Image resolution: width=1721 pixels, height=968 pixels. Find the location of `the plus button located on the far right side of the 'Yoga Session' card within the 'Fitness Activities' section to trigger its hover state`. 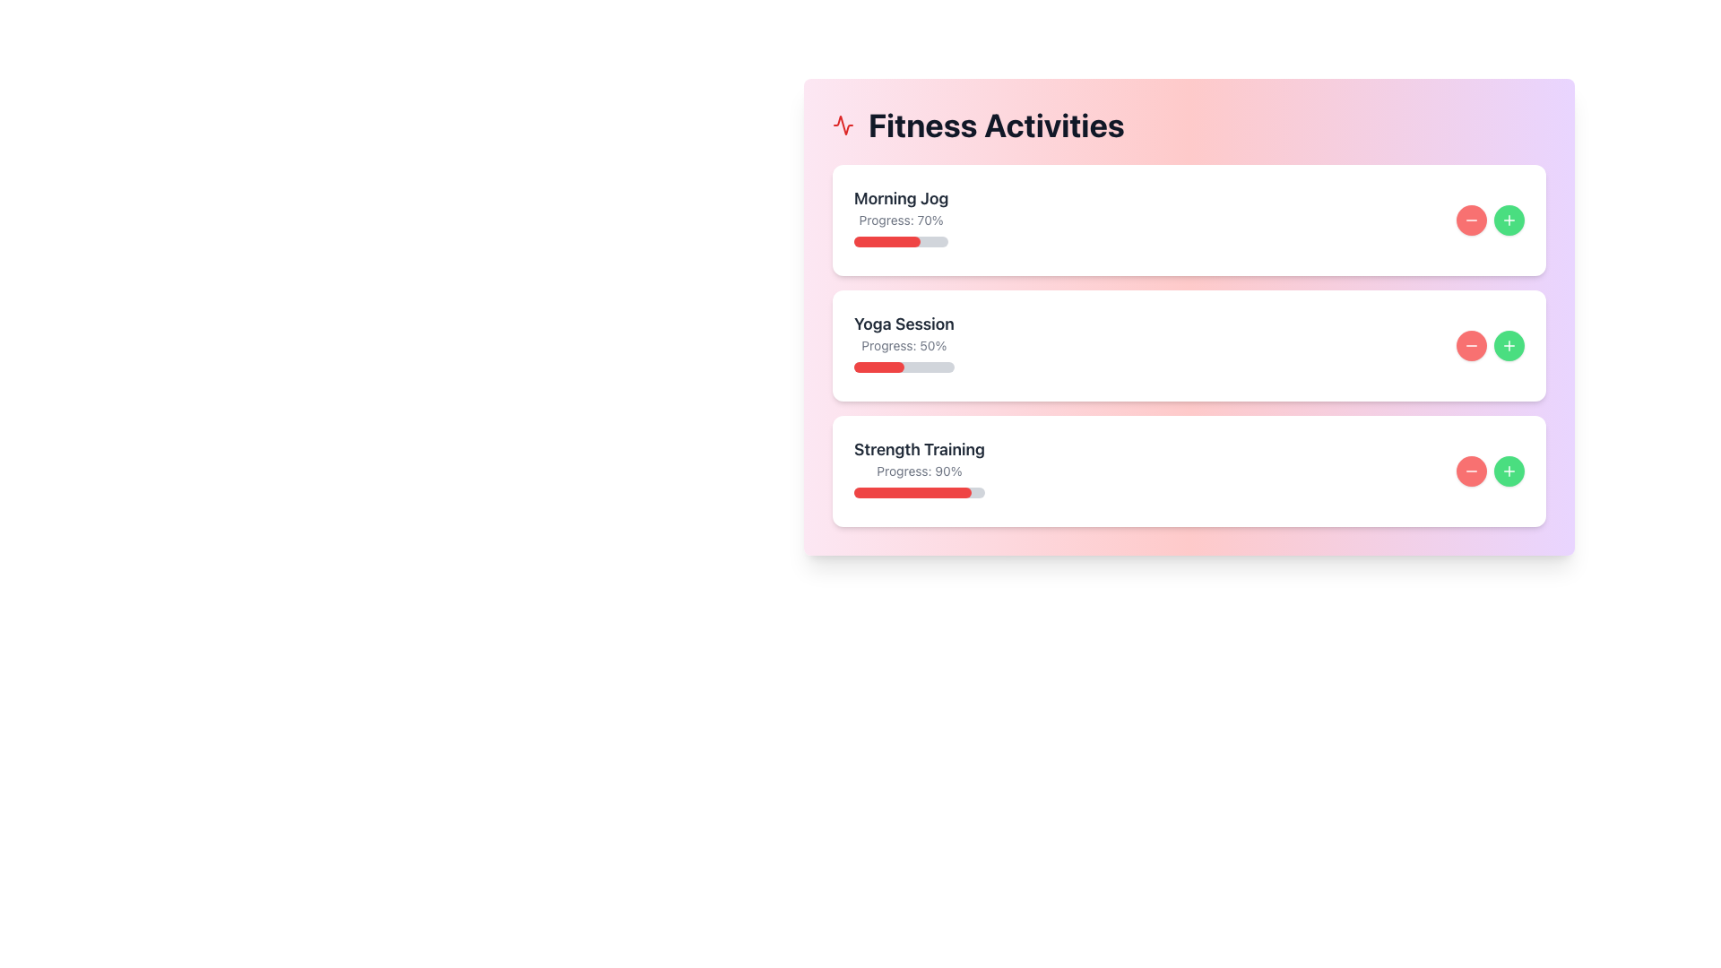

the plus button located on the far right side of the 'Yoga Session' card within the 'Fitness Activities' section to trigger its hover state is located at coordinates (1490, 345).